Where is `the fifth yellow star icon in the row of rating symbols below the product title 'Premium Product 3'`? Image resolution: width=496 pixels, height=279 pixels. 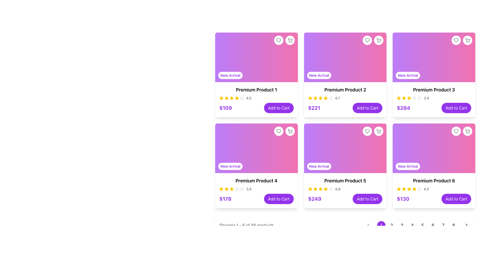 the fifth yellow star icon in the row of rating symbols below the product title 'Premium Product 3' is located at coordinates (409, 98).